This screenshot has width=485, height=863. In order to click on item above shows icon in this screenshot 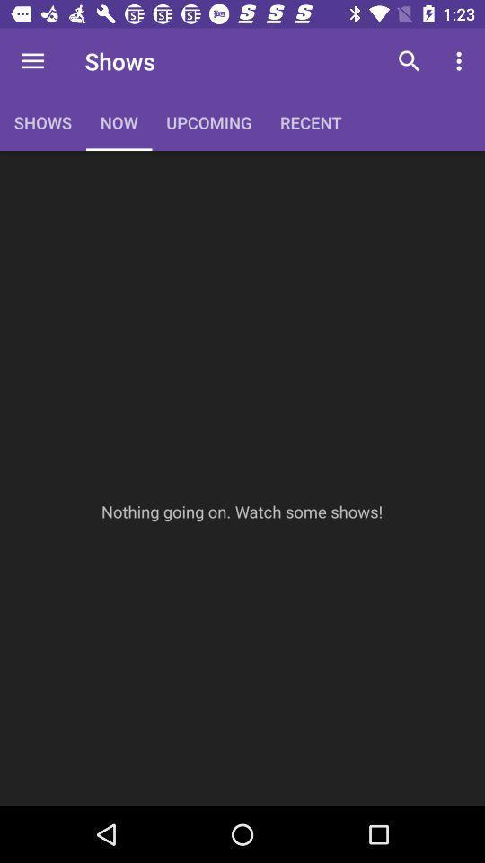, I will do `click(32, 61)`.